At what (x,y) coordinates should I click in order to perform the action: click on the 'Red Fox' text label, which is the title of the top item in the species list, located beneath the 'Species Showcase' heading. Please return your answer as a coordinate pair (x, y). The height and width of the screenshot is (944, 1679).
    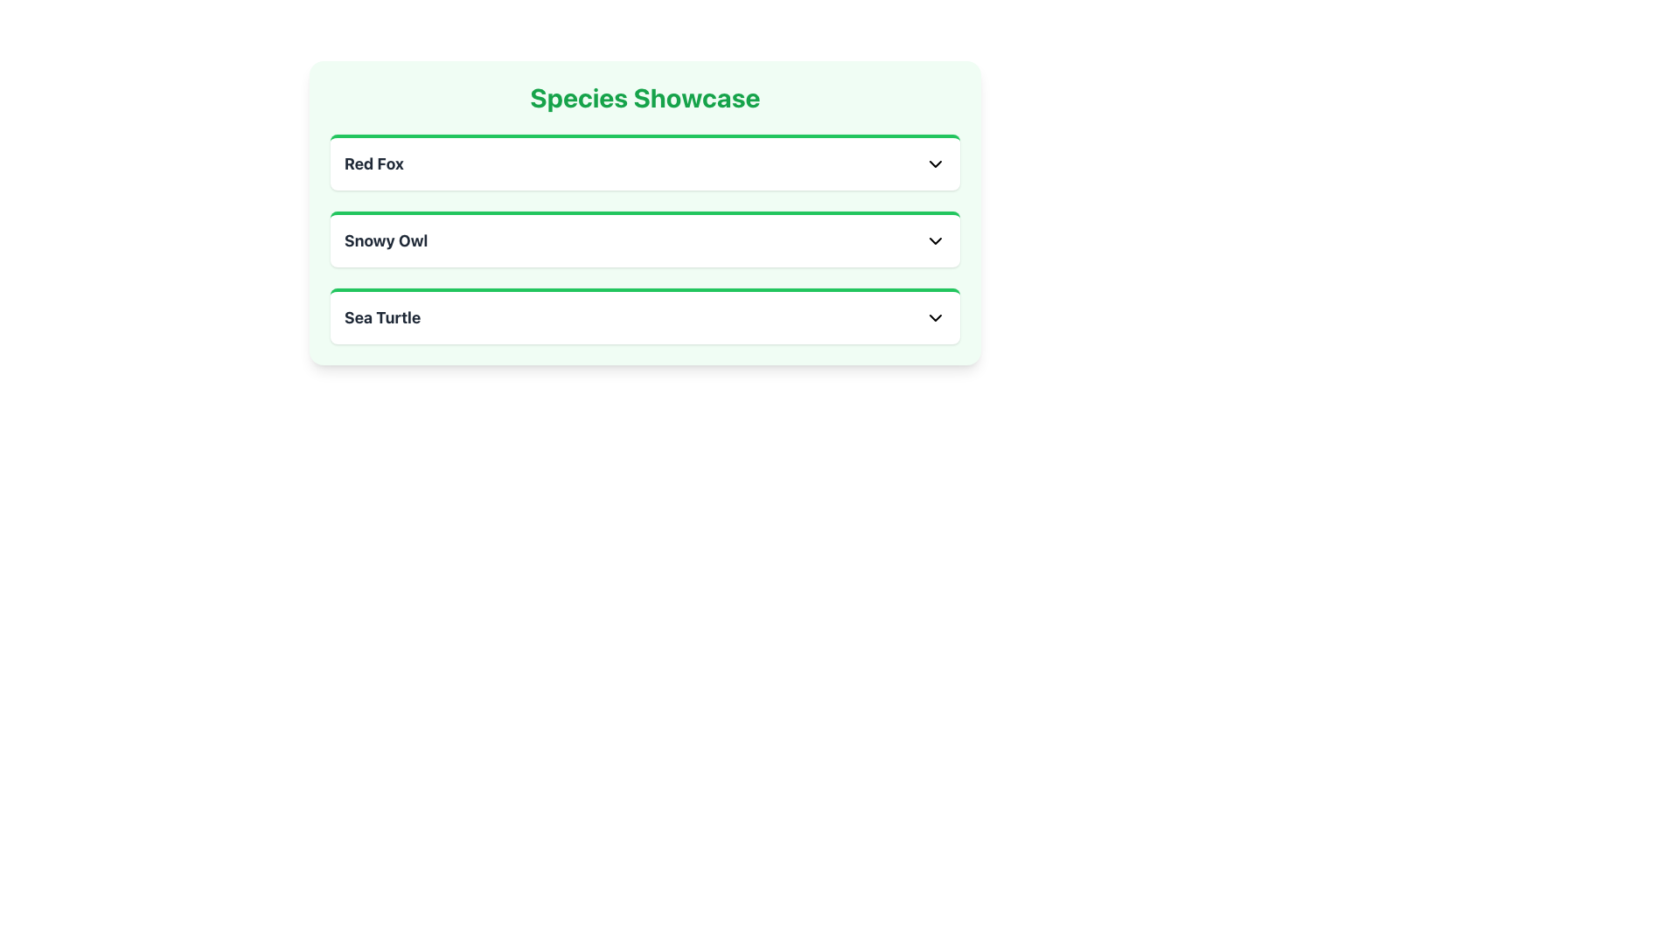
    Looking at the image, I should click on (373, 164).